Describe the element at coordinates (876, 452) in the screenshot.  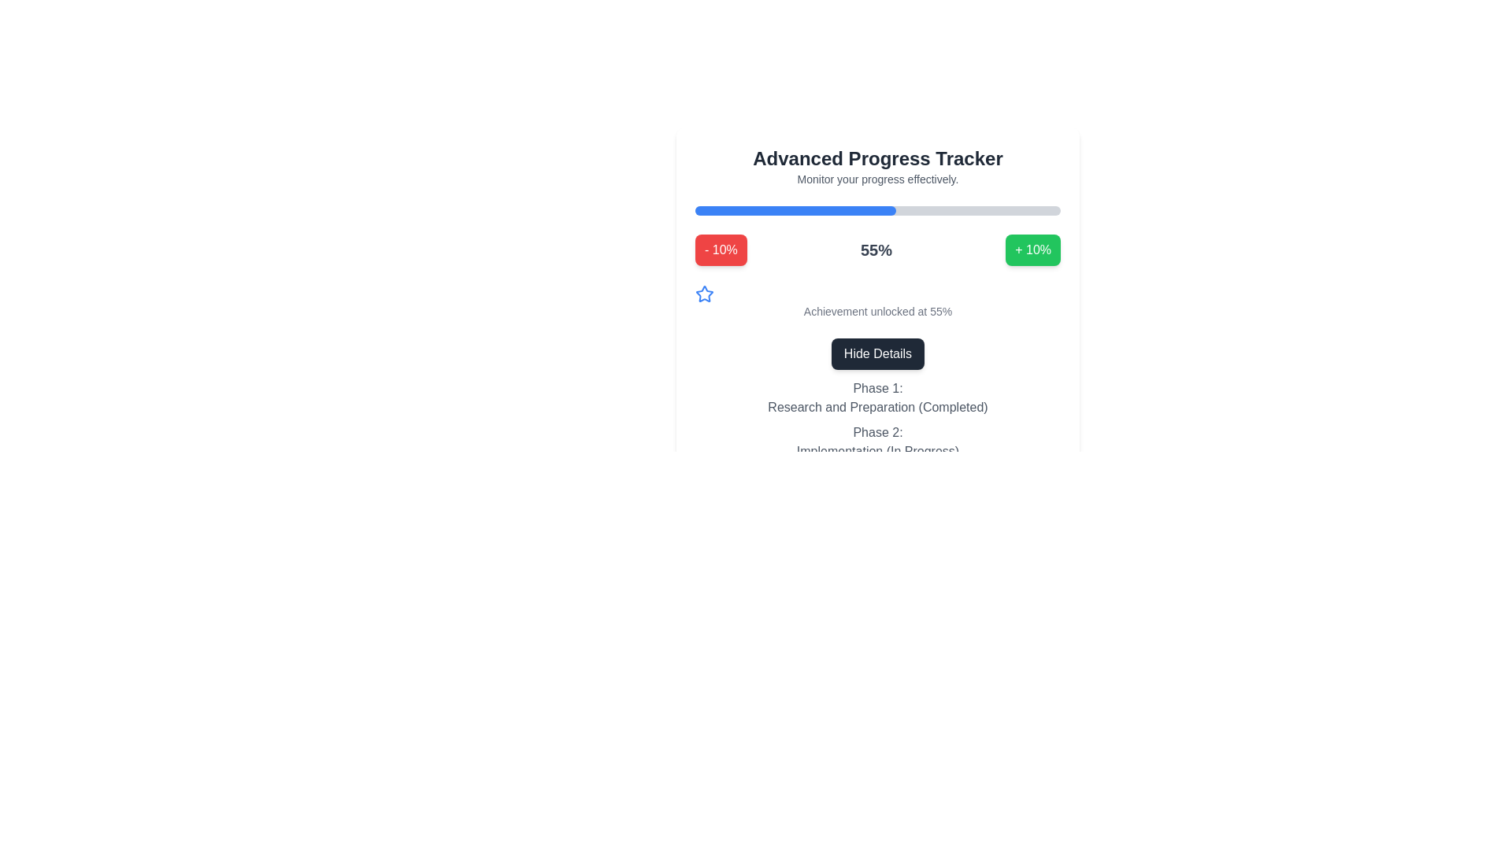
I see `the text label that reads 'Implementation (In Progress)', located immediately below the heading 'Phase 2:', to check for interactive behavior` at that location.